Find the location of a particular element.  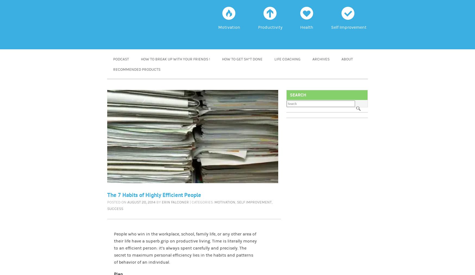

'self improvement' is located at coordinates (237, 202).